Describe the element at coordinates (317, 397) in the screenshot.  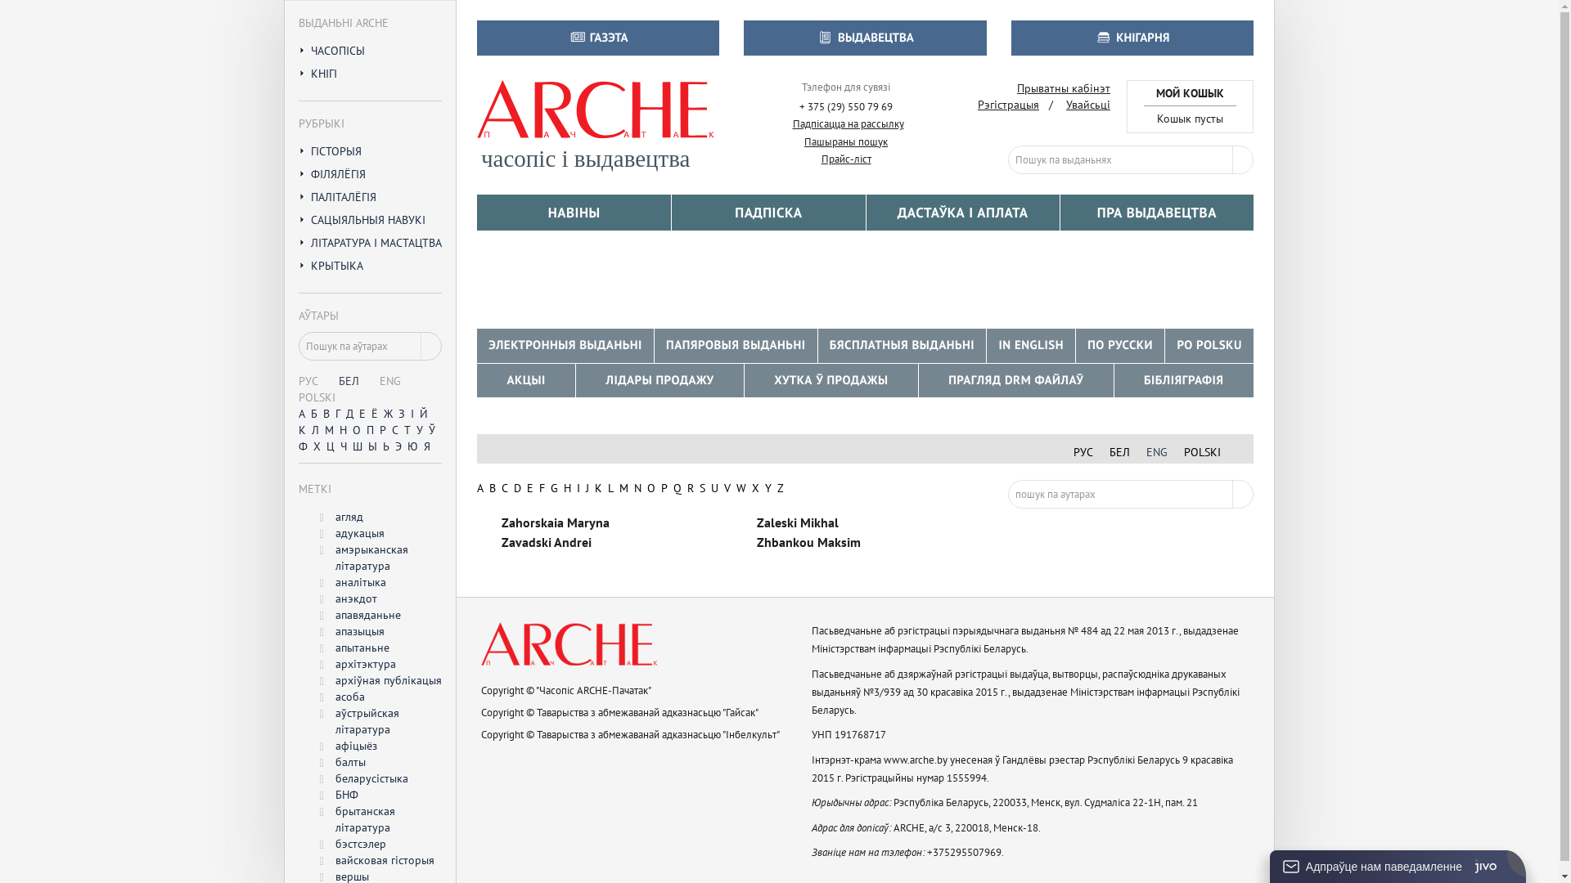
I see `'POLSKI'` at that location.